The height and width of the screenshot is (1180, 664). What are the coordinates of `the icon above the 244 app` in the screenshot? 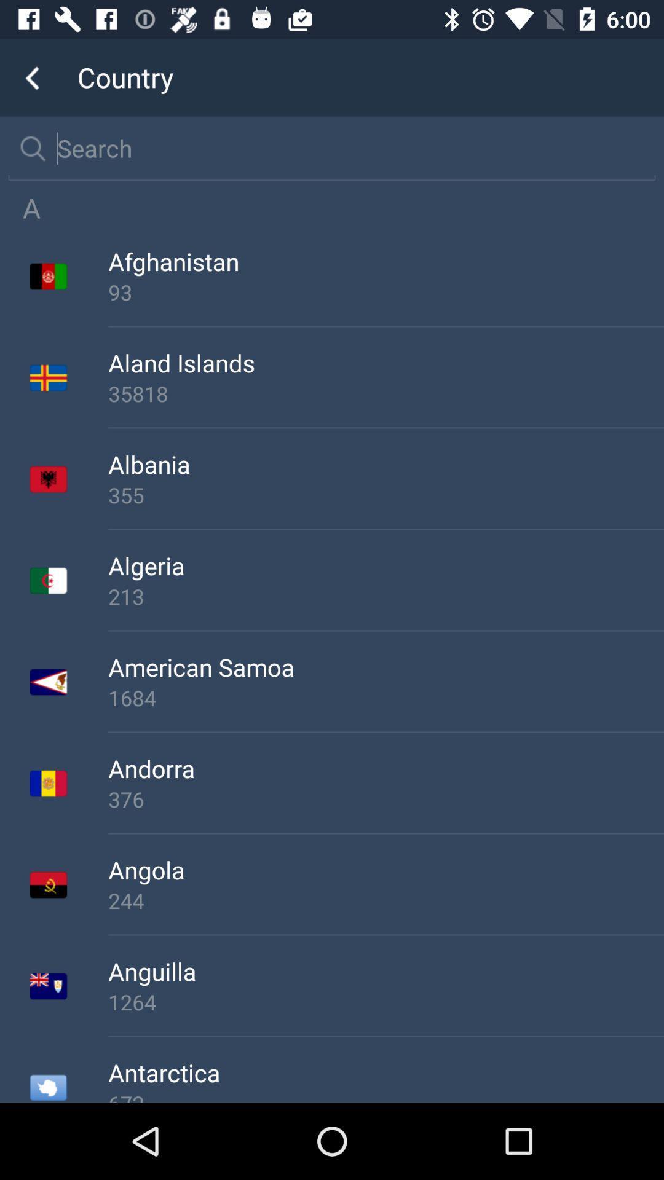 It's located at (385, 869).